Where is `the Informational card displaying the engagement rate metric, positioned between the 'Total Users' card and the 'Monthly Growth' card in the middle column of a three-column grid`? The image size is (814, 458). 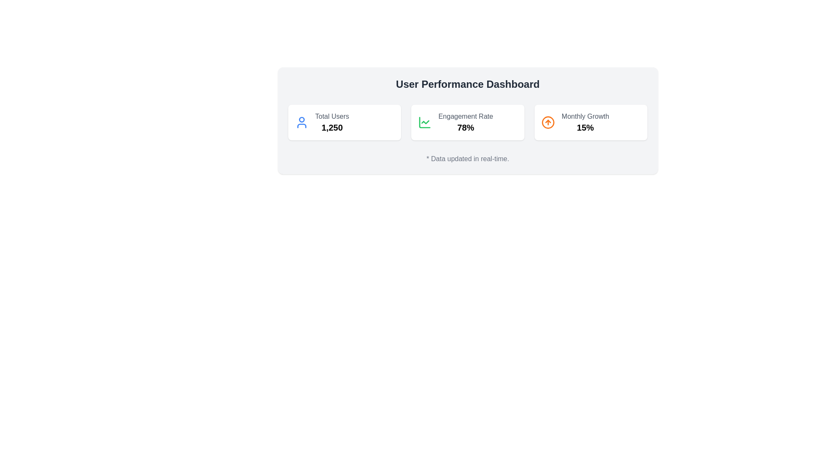
the Informational card displaying the engagement rate metric, positioned between the 'Total Users' card and the 'Monthly Growth' card in the middle column of a three-column grid is located at coordinates (467, 123).